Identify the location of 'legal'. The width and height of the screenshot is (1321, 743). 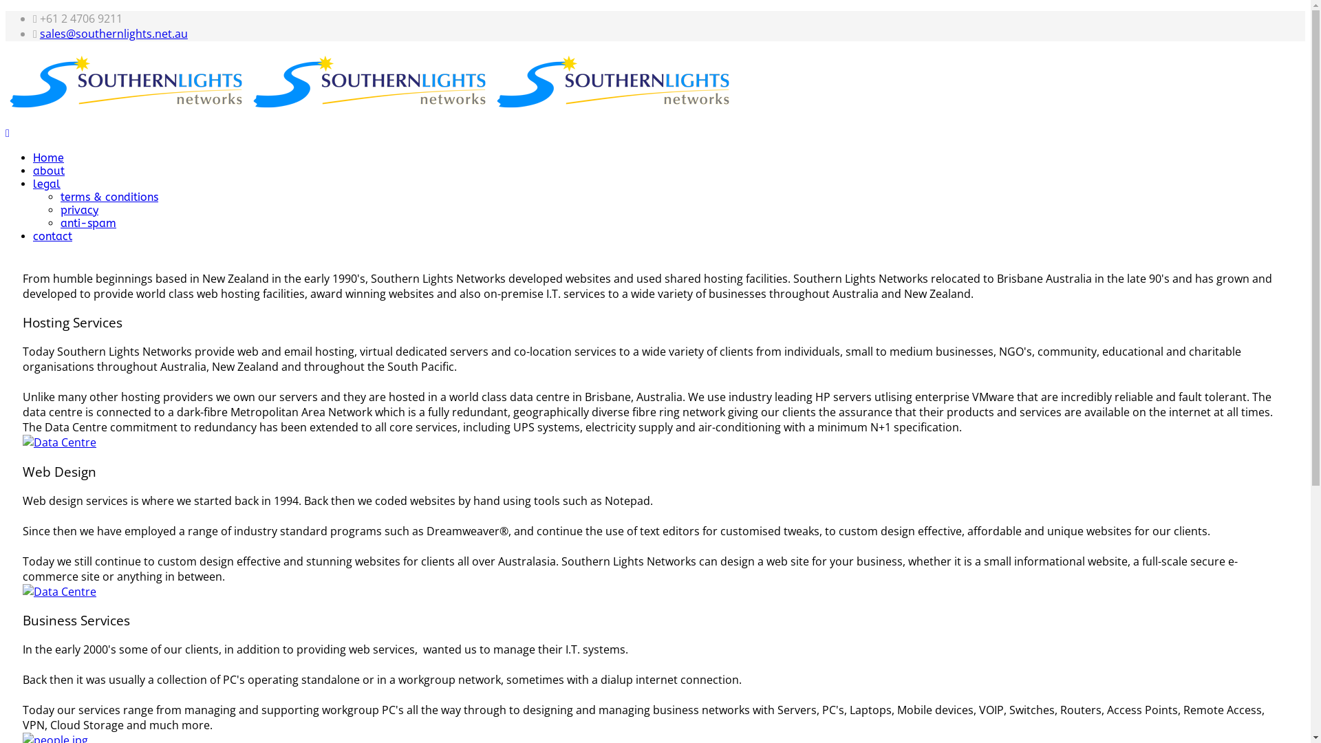
(46, 183).